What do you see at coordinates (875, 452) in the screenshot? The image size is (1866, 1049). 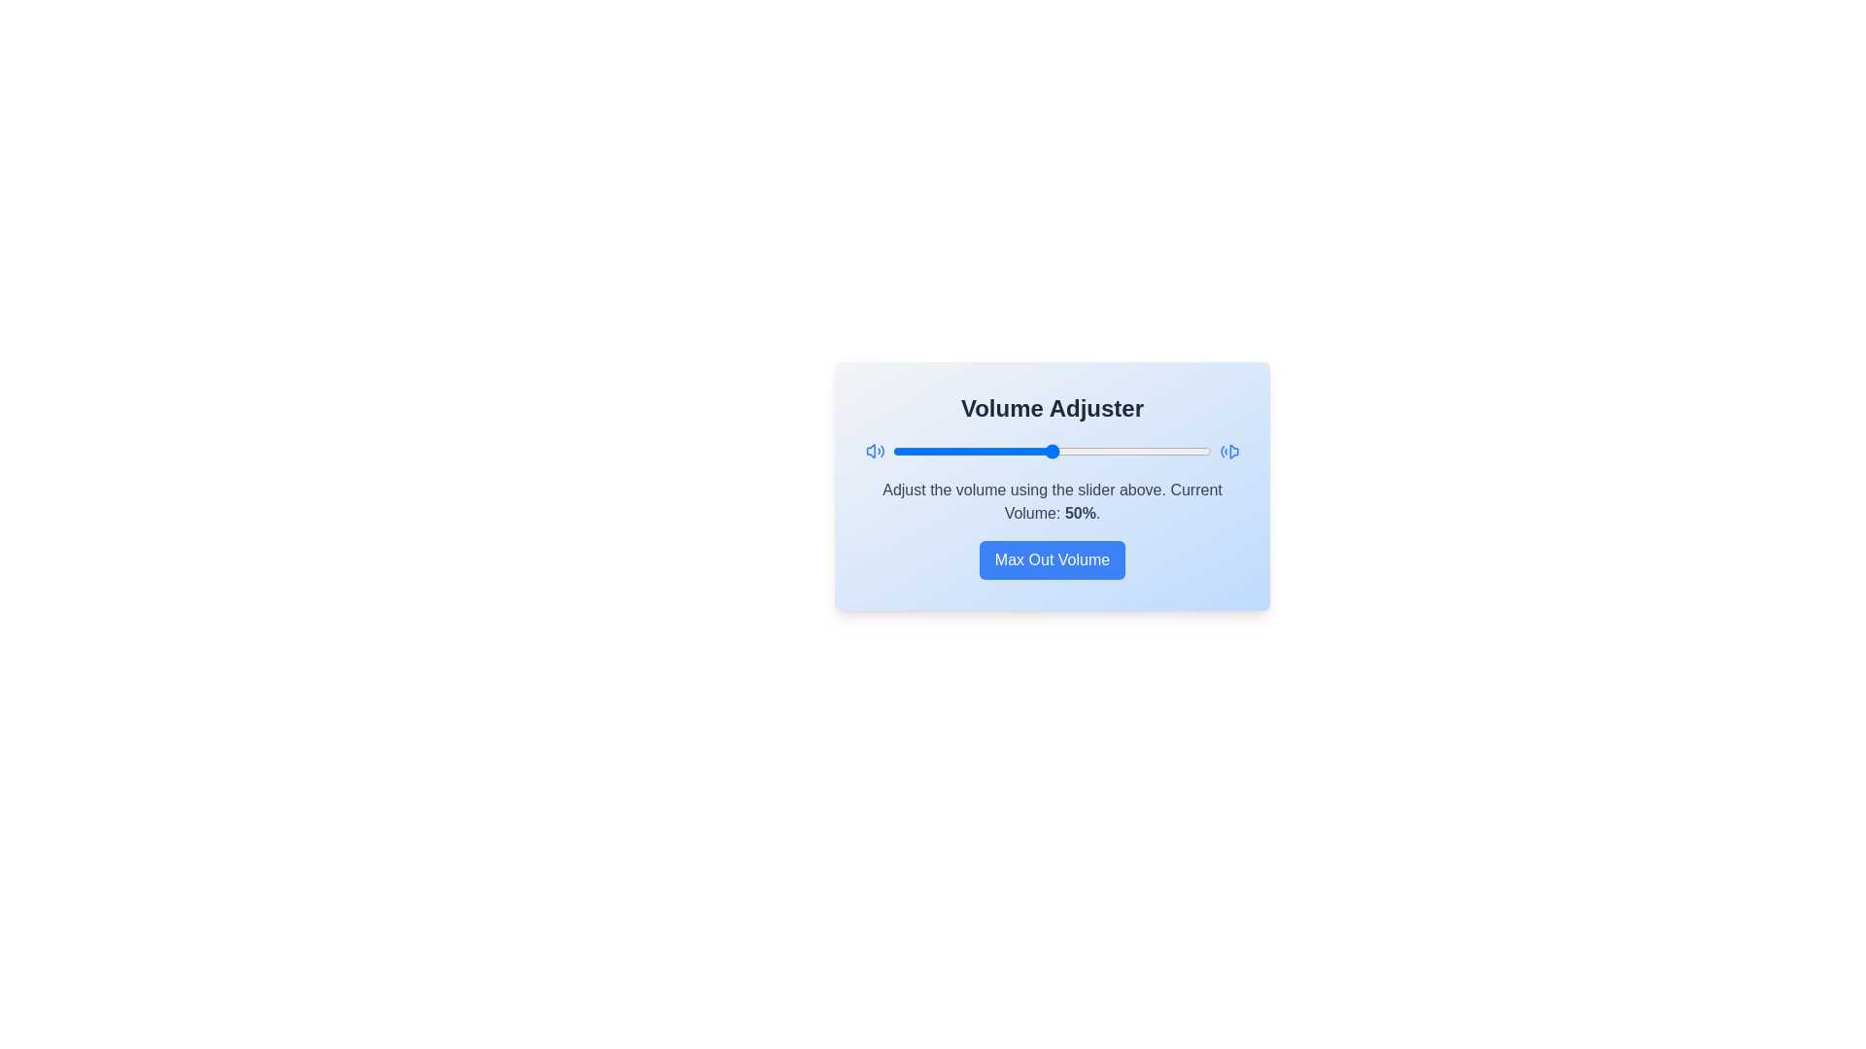 I see `the left volume icon to reveal its tooltip` at bounding box center [875, 452].